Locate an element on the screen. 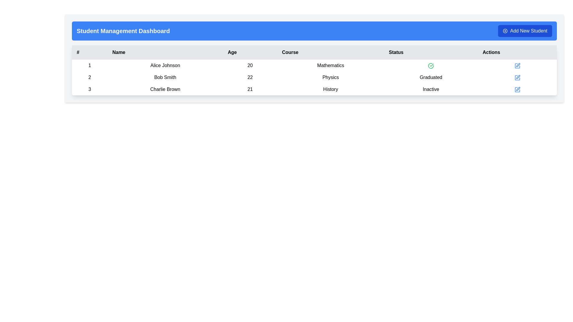 This screenshot has height=322, width=573. the static text element representing a student's name in the second cell of a table row, located under the 'Name' column is located at coordinates (165, 65).